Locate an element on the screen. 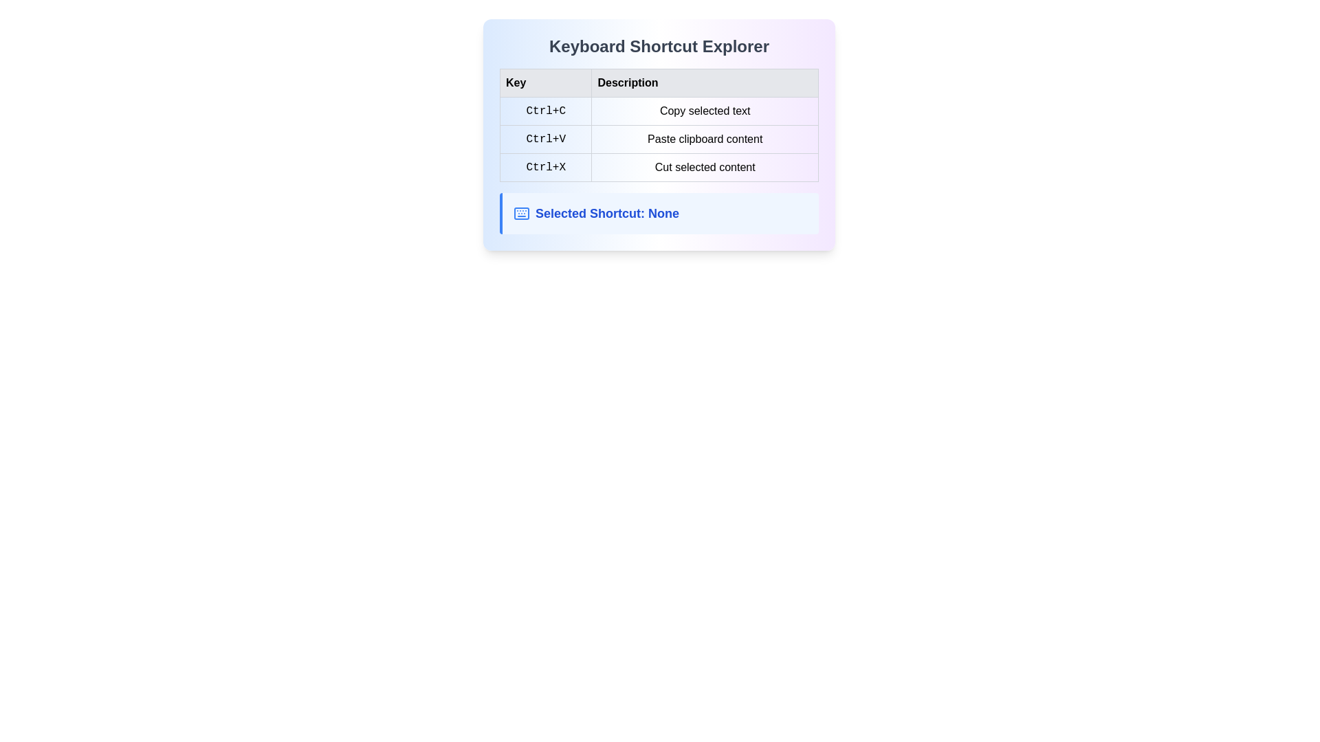 This screenshot has width=1320, height=742. the SVG rectangle component with rounded corners located at the center of the blue toolbar section that describes selected keyboard shortcuts is located at coordinates (520, 214).